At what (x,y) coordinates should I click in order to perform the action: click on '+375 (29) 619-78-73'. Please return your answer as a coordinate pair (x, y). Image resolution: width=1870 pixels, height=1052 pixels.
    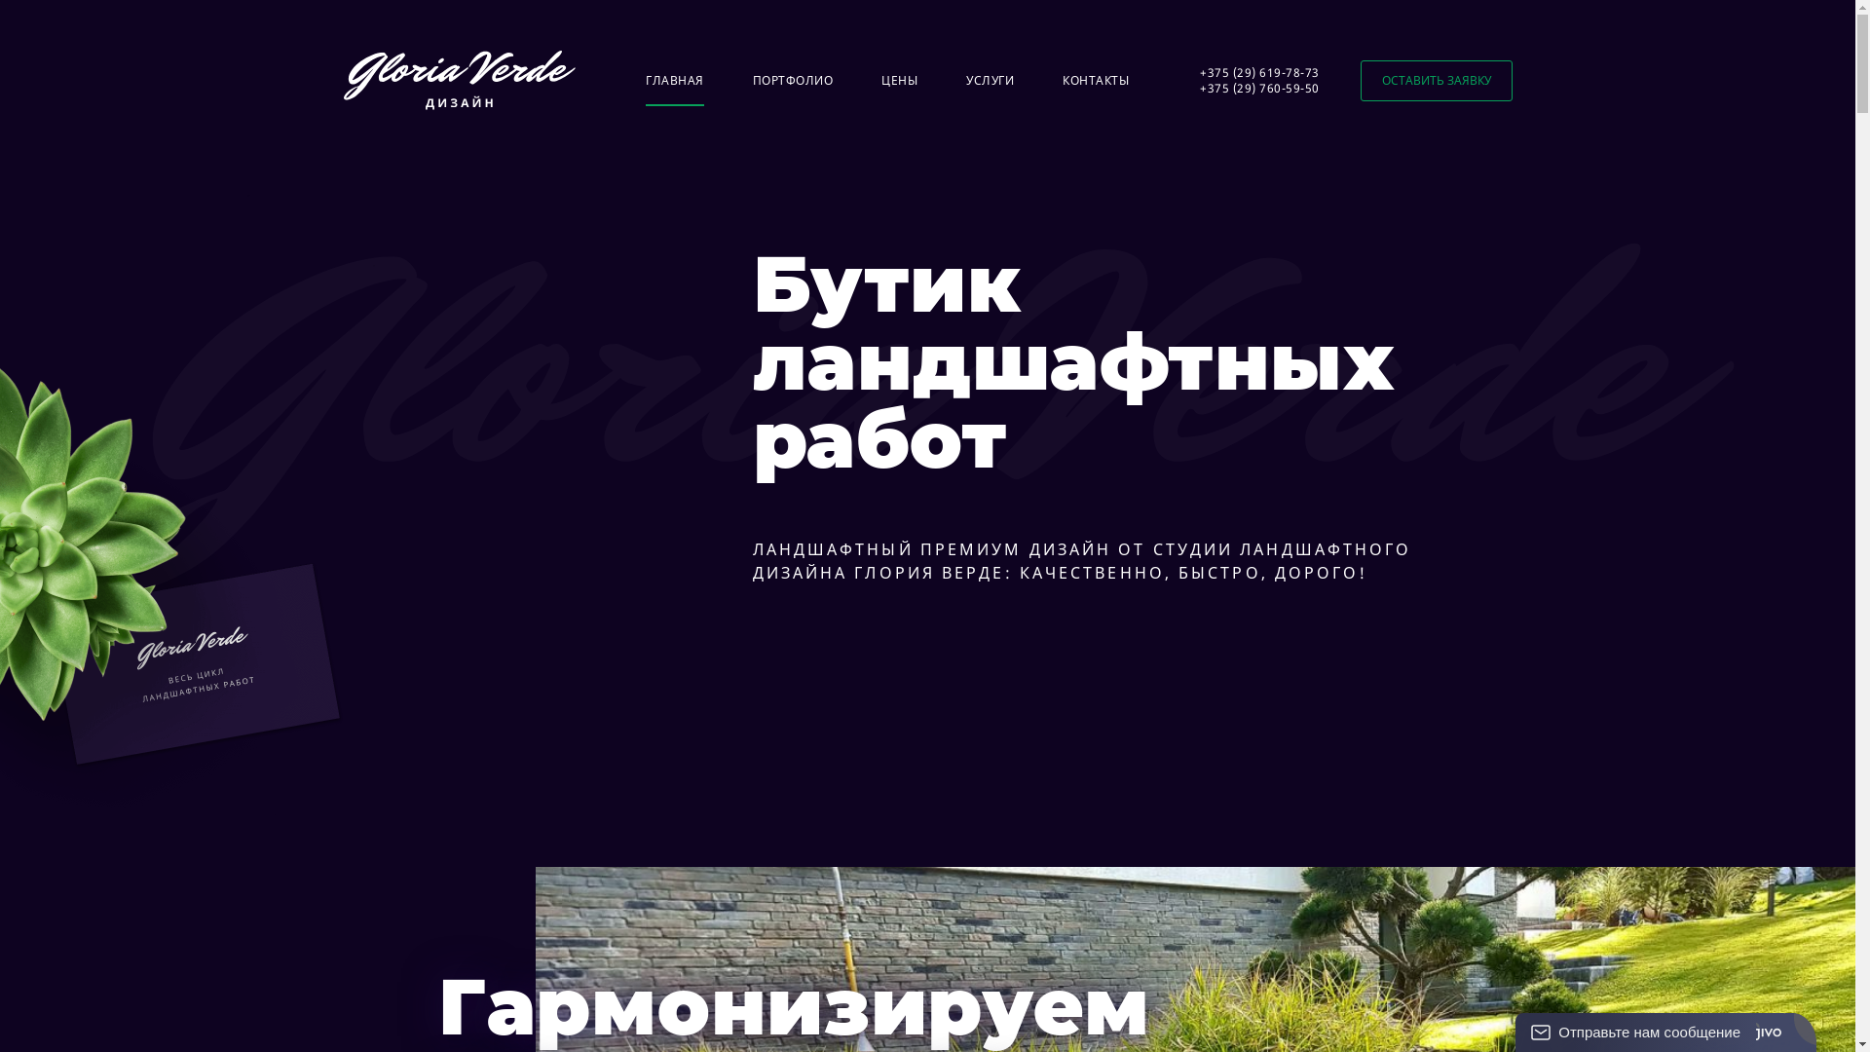
    Looking at the image, I should click on (1259, 71).